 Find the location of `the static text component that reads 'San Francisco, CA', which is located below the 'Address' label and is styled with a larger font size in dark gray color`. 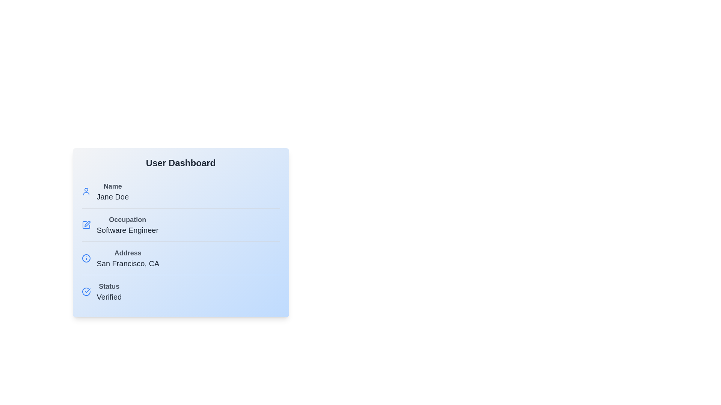

the static text component that reads 'San Francisco, CA', which is located below the 'Address' label and is styled with a larger font size in dark gray color is located at coordinates (128, 263).